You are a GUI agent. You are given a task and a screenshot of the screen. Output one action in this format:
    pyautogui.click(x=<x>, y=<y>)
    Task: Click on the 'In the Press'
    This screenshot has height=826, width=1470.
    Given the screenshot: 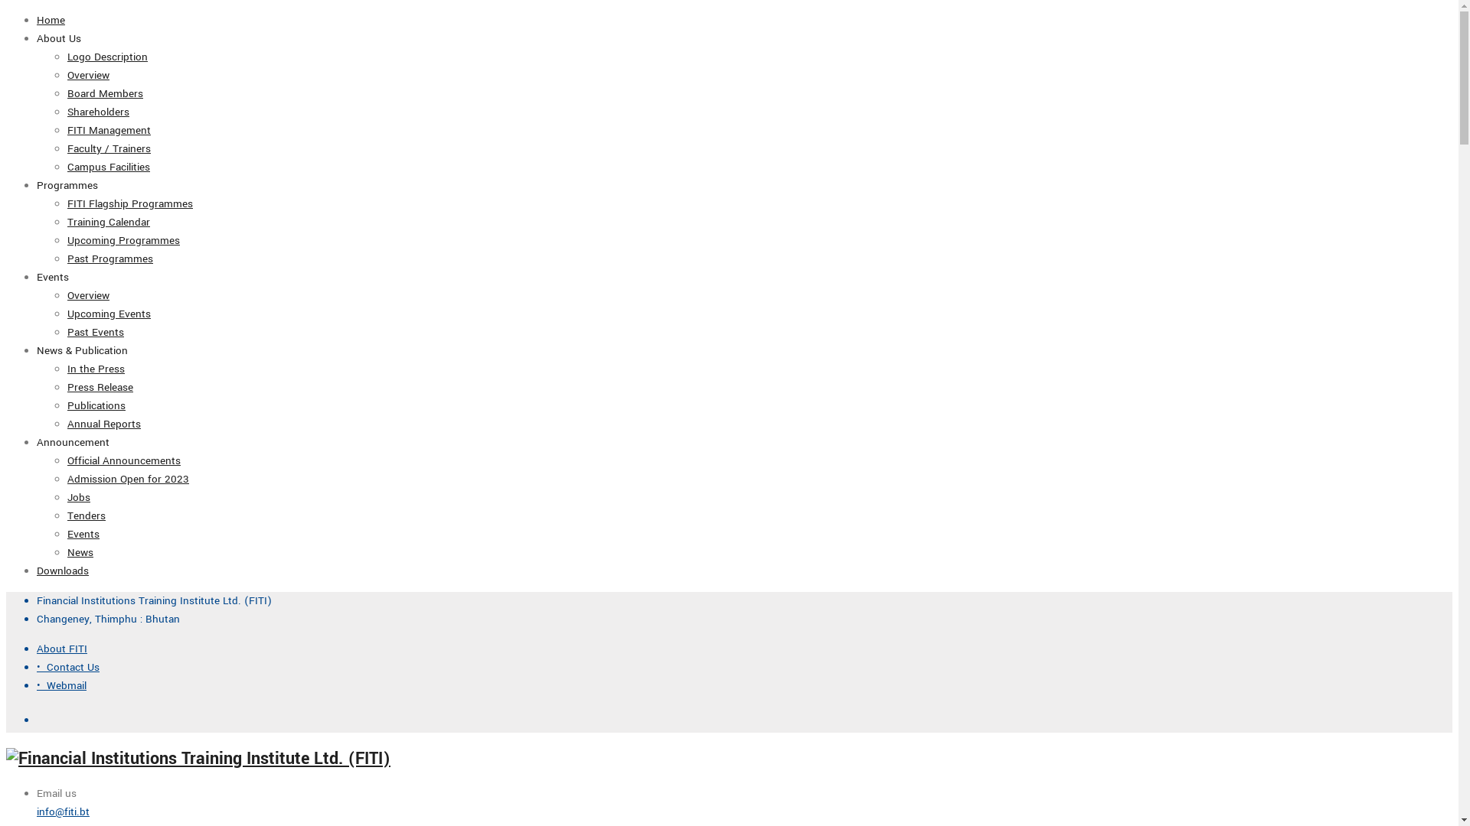 What is the action you would take?
    pyautogui.click(x=95, y=369)
    